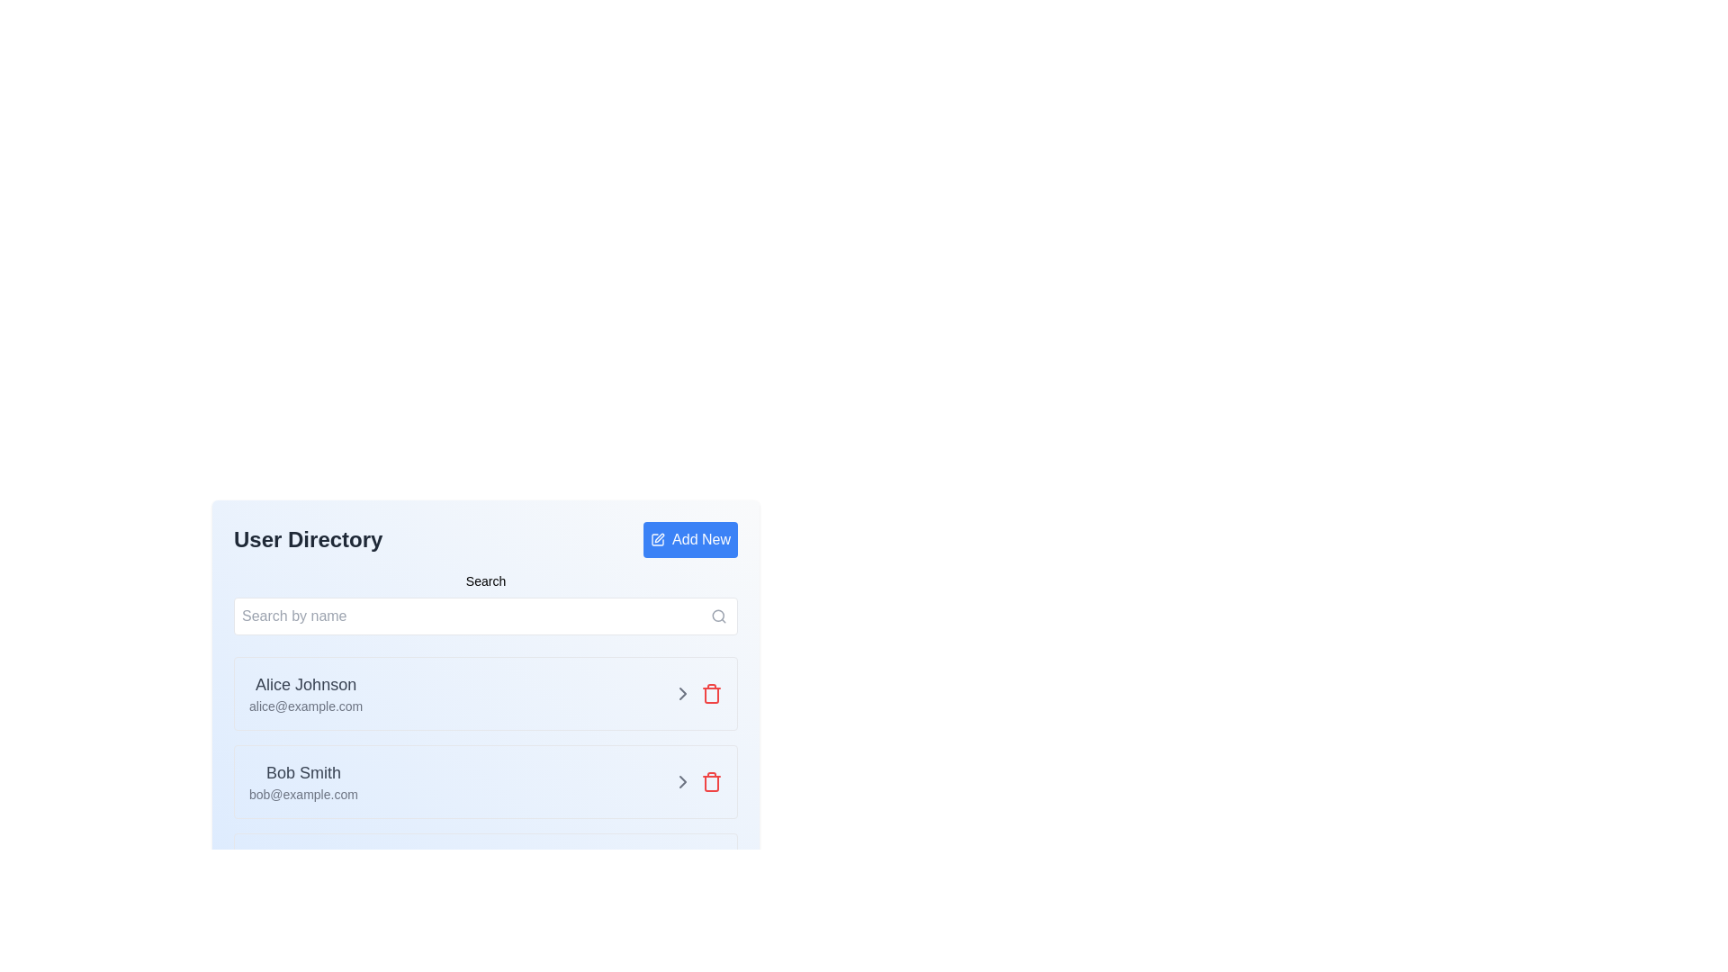  What do you see at coordinates (657, 539) in the screenshot?
I see `the edit icon, which is a small pen icon within a square, styled with a thin blue border and a white background, located within the 'Add New' button` at bounding box center [657, 539].